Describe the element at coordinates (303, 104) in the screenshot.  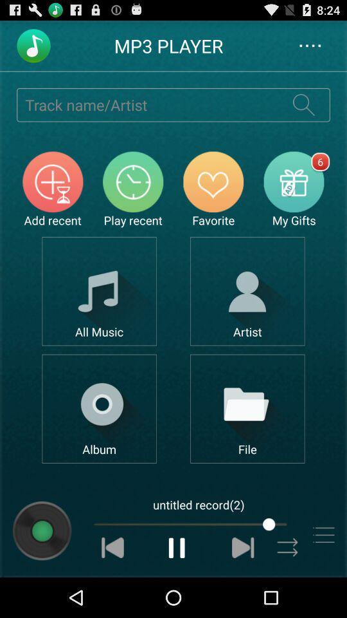
I see `search music` at that location.